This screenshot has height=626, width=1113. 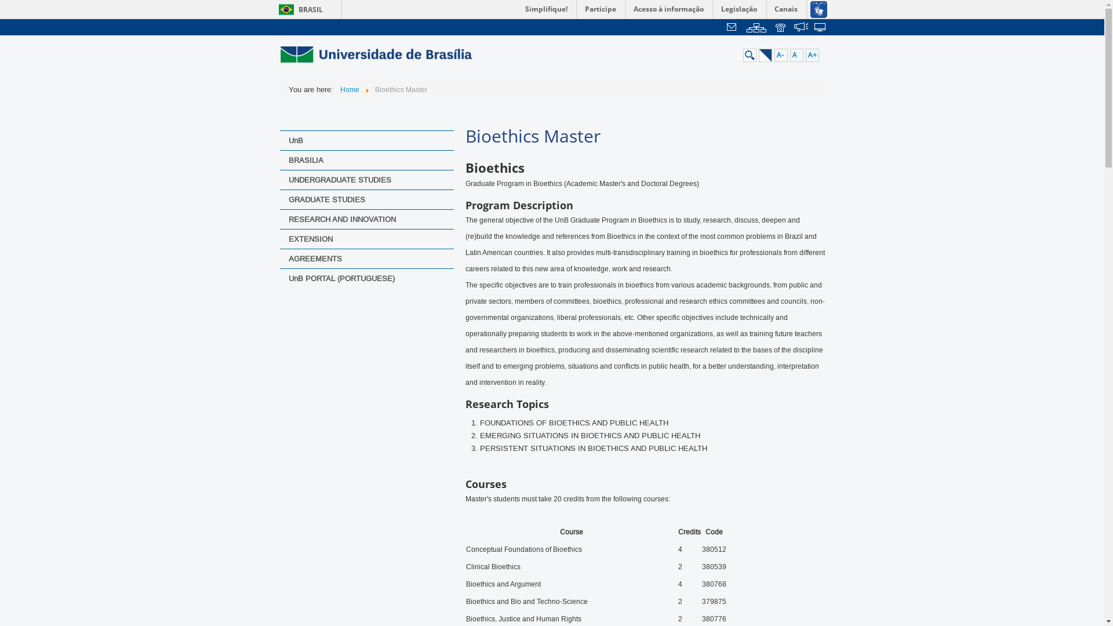 I want to click on 'UNDERGRADUATE STUDIES', so click(x=366, y=180).